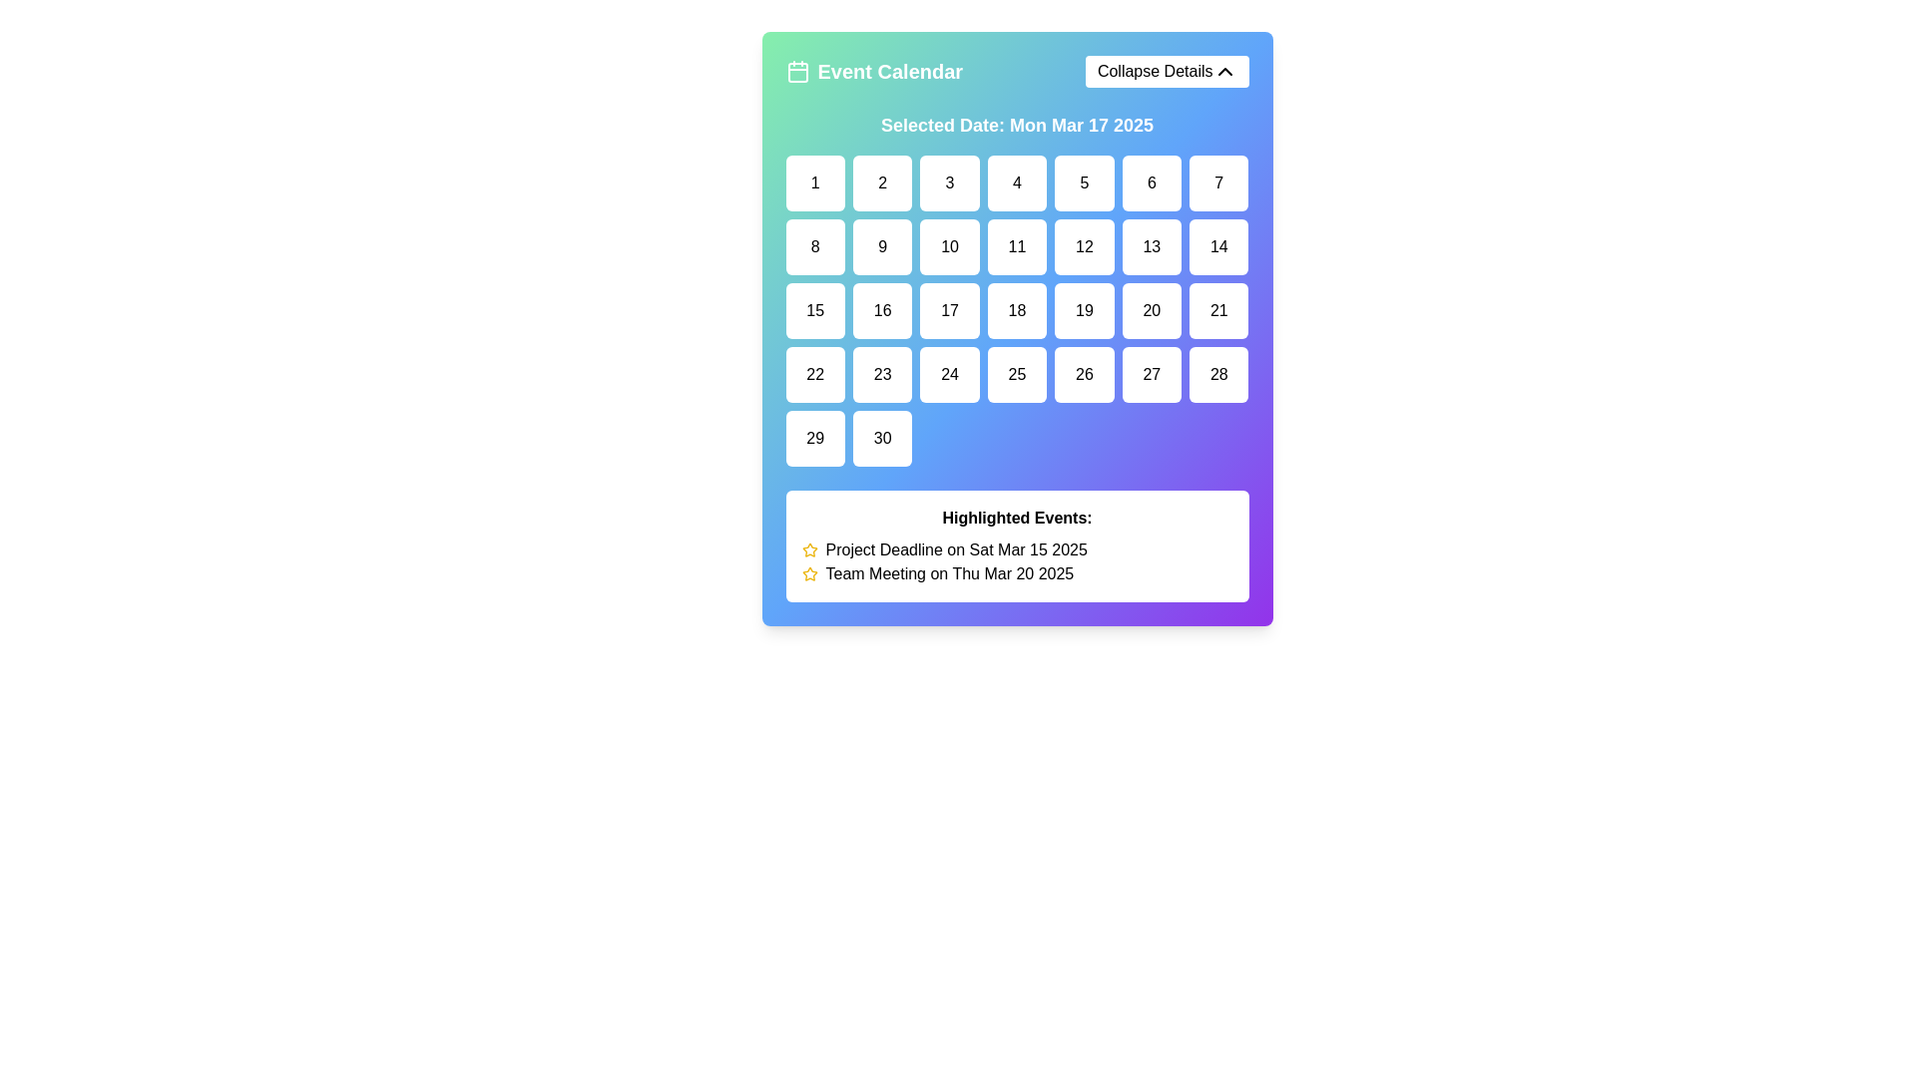  I want to click on the square button displaying the number '7' in the interactive calendar component, so click(1217, 183).